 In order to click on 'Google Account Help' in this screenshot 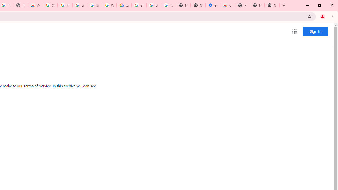, I will do `click(153, 5)`.